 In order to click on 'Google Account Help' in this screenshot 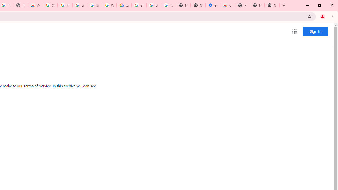, I will do `click(153, 5)`.